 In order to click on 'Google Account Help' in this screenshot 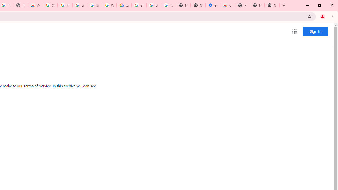, I will do `click(153, 5)`.